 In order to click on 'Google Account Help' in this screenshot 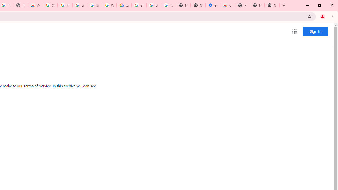, I will do `click(153, 5)`.